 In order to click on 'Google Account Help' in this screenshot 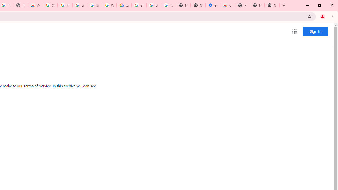, I will do `click(153, 5)`.